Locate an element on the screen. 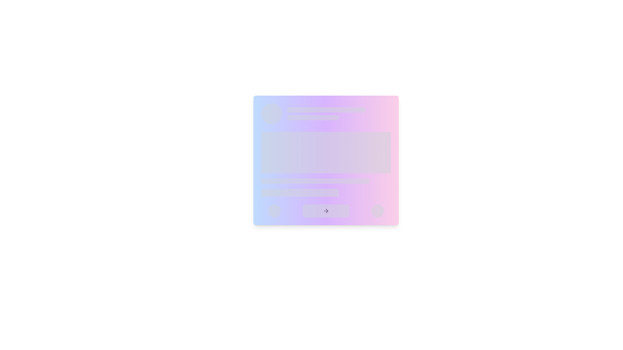 This screenshot has height=350, width=623. the circular gray button located in the bottom-right corner of the interface is located at coordinates (377, 211).